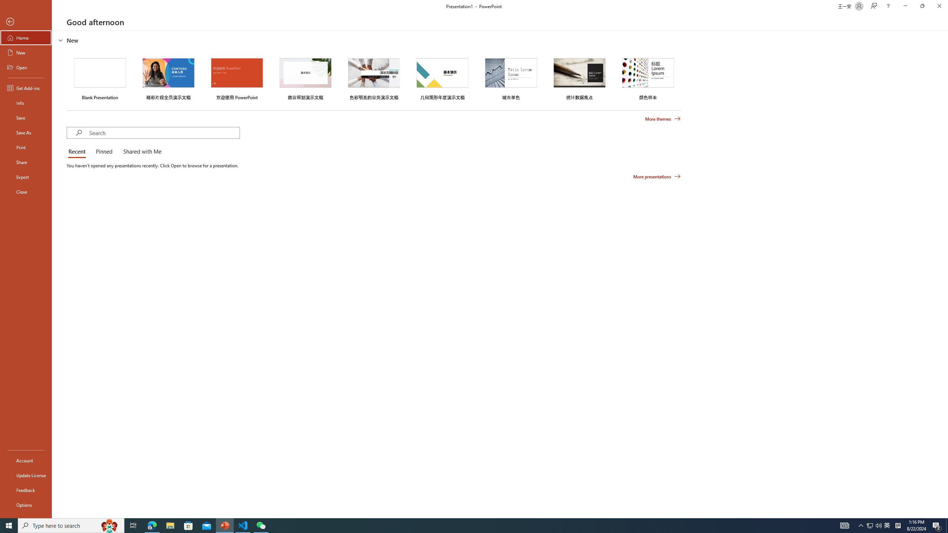 The height and width of the screenshot is (533, 948). What do you see at coordinates (26, 490) in the screenshot?
I see `'Feedback'` at bounding box center [26, 490].